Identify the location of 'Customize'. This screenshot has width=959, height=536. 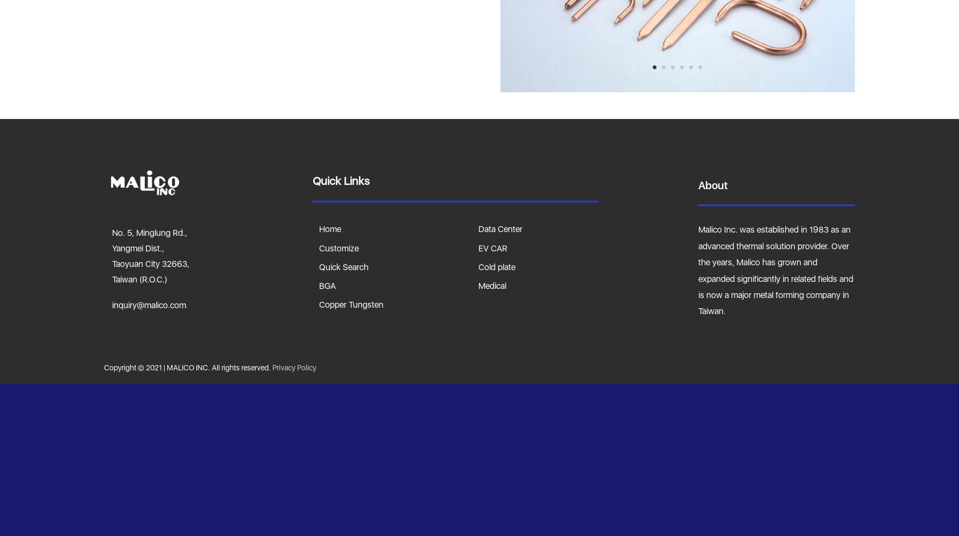
(339, 247).